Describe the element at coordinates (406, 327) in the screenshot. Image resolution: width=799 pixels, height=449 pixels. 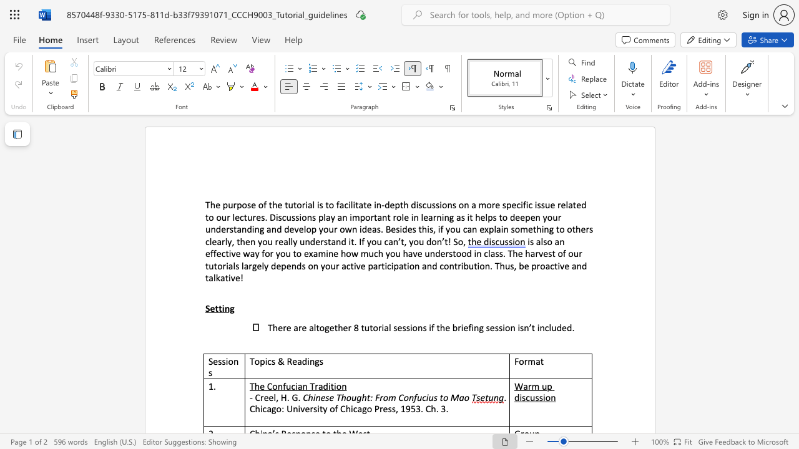
I see `the subset text "sions if the briefin" within the text "There are altogether 8 tutorial sessions if the briefing session"` at that location.